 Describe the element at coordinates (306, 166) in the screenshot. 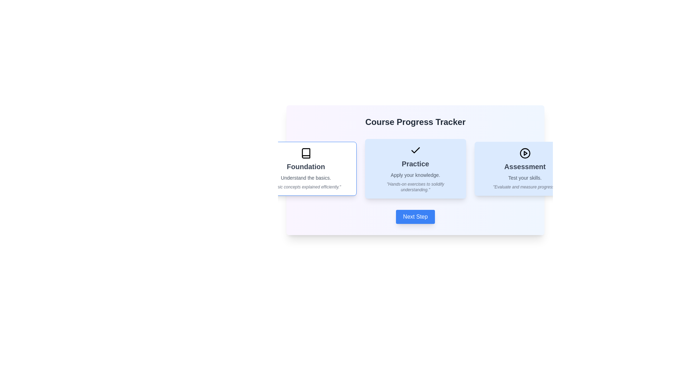

I see `static text 'Foundation' which is styled in bold and larger font, located within the first card of three in the central interface, above the description text 'Understand the basics.'` at that location.